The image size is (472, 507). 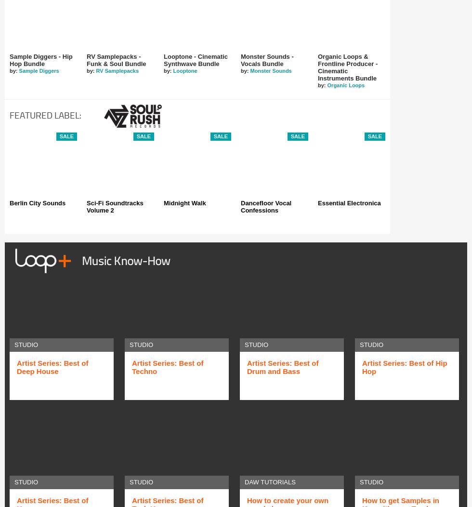 What do you see at coordinates (52, 366) in the screenshot?
I see `'Artist Series: Best of Deep House'` at bounding box center [52, 366].